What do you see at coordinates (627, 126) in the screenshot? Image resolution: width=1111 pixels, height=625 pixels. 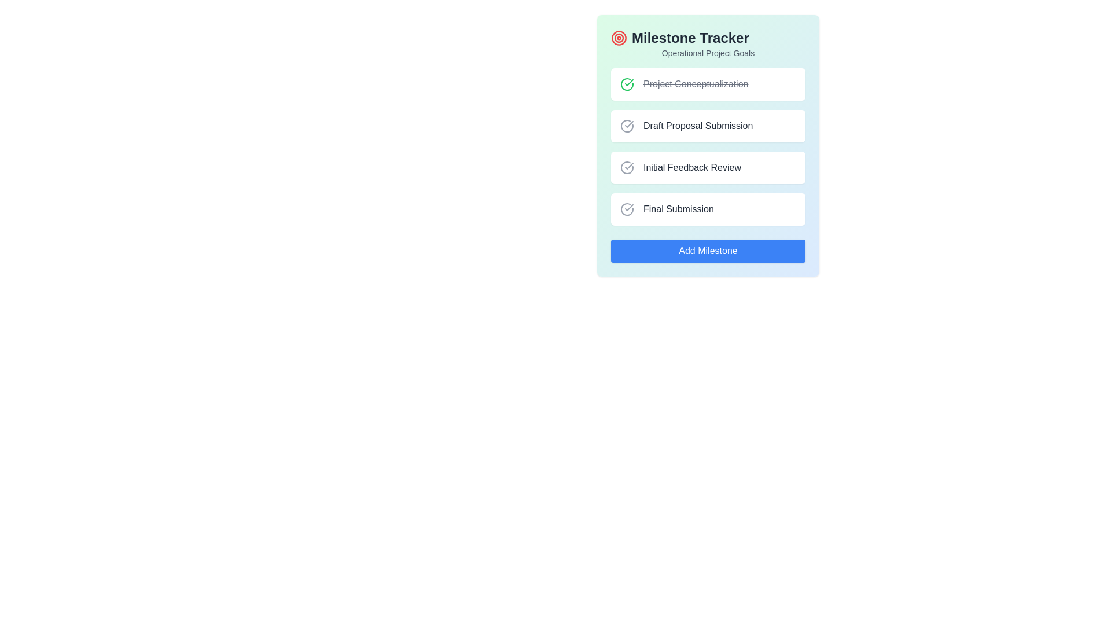 I see `the circular arc of the SVG icon located in the second milestone labeled 'Draft Proposal Submission'` at bounding box center [627, 126].